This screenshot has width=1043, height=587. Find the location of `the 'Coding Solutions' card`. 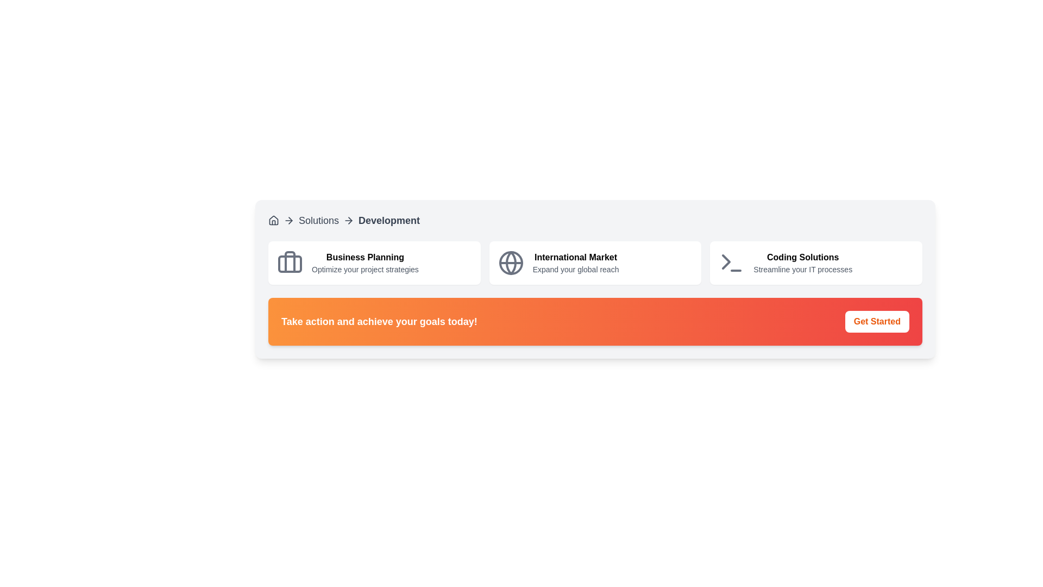

the 'Coding Solutions' card is located at coordinates (816, 263).